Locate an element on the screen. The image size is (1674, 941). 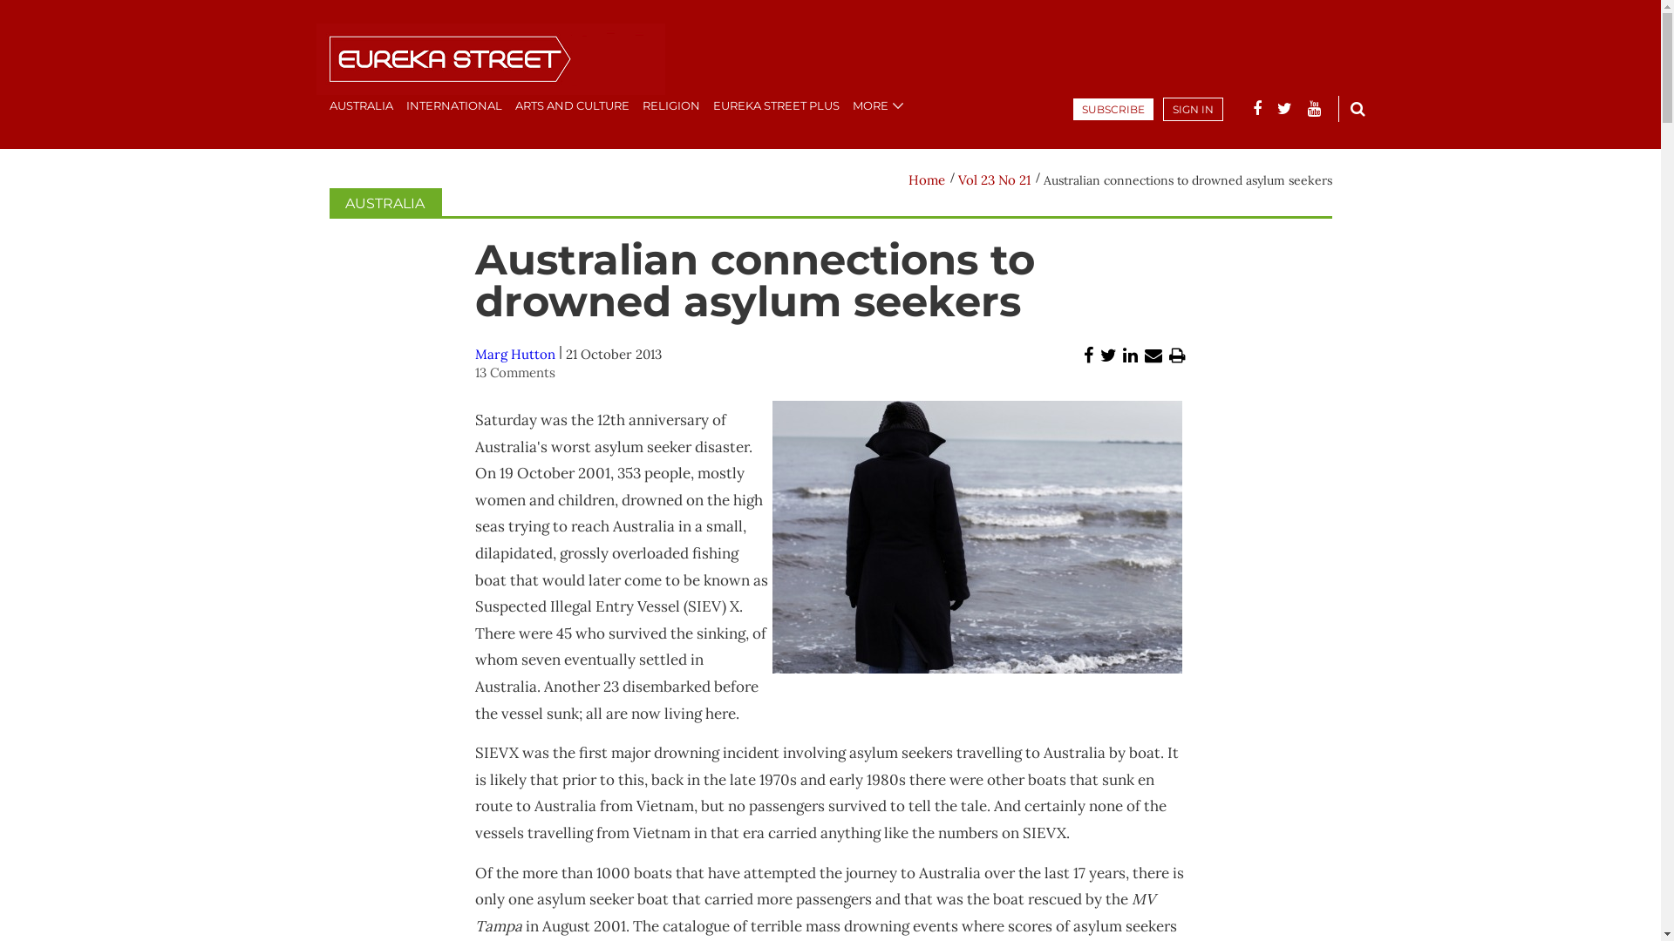
'SUBSCRIBE' is located at coordinates (1112, 109).